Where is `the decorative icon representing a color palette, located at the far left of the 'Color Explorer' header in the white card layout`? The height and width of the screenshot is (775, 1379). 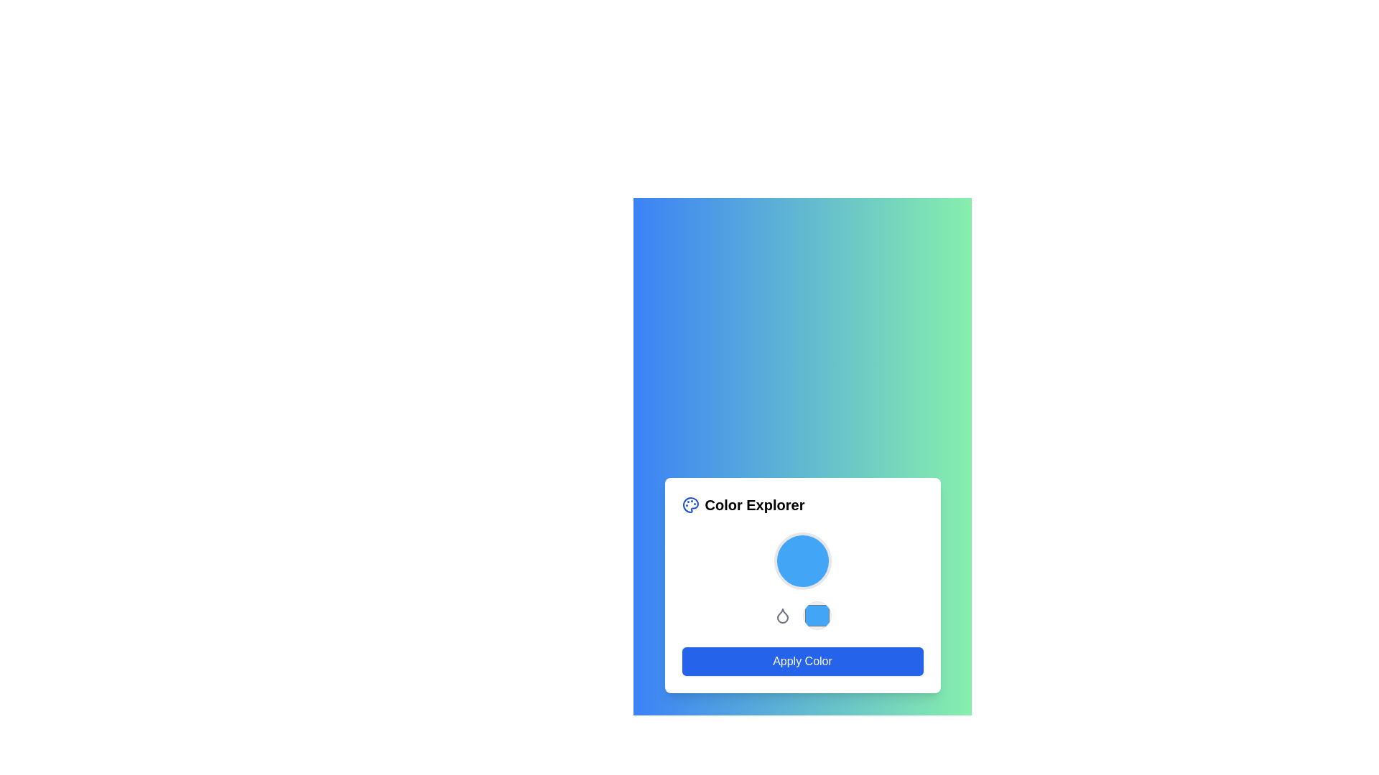
the decorative icon representing a color palette, located at the far left of the 'Color Explorer' header in the white card layout is located at coordinates (690, 504).